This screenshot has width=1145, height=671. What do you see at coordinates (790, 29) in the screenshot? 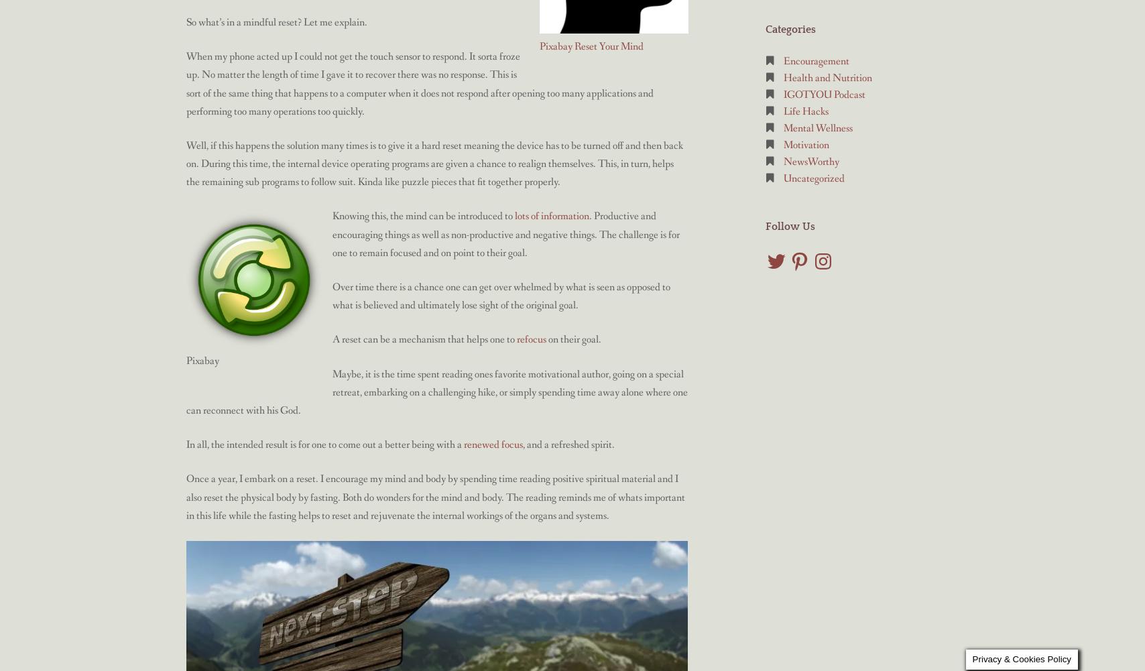
I see `'Categories'` at bounding box center [790, 29].